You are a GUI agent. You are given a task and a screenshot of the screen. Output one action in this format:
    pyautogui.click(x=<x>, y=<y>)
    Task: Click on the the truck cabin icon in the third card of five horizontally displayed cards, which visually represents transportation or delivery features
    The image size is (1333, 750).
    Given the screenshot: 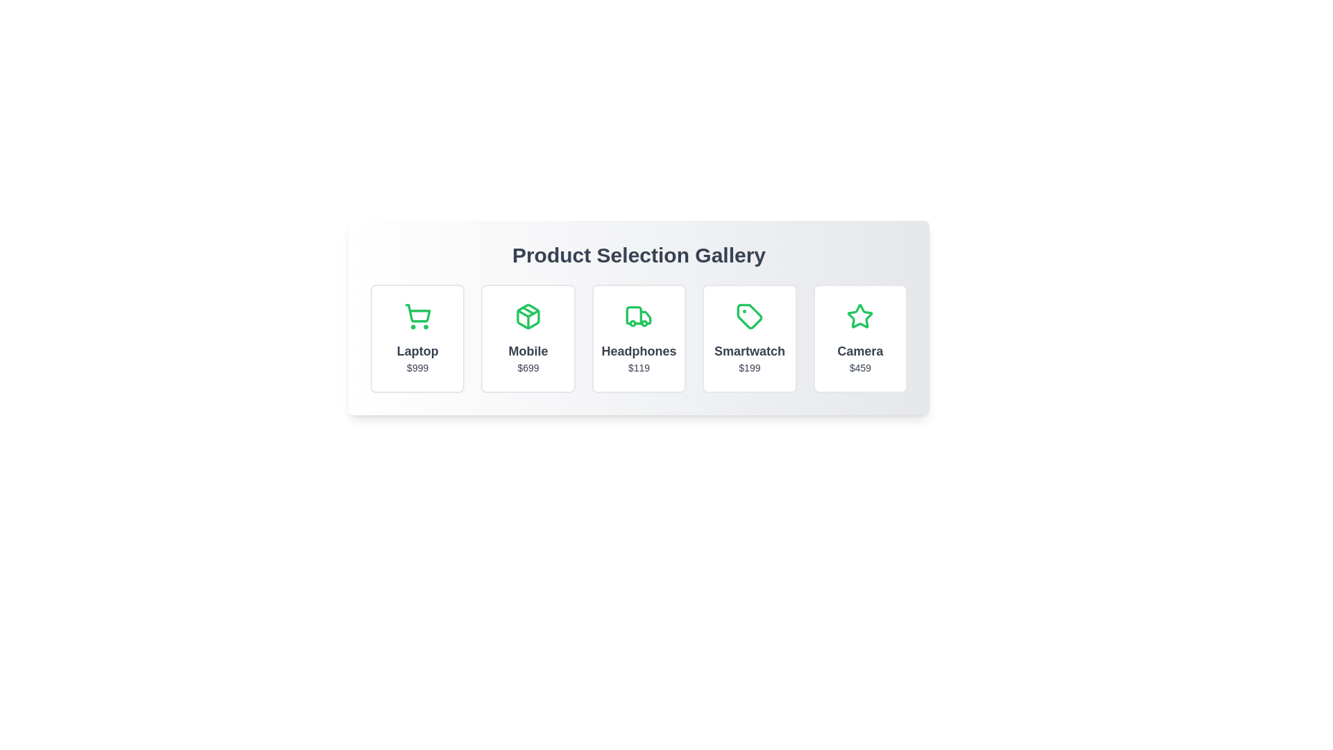 What is the action you would take?
    pyautogui.click(x=633, y=315)
    